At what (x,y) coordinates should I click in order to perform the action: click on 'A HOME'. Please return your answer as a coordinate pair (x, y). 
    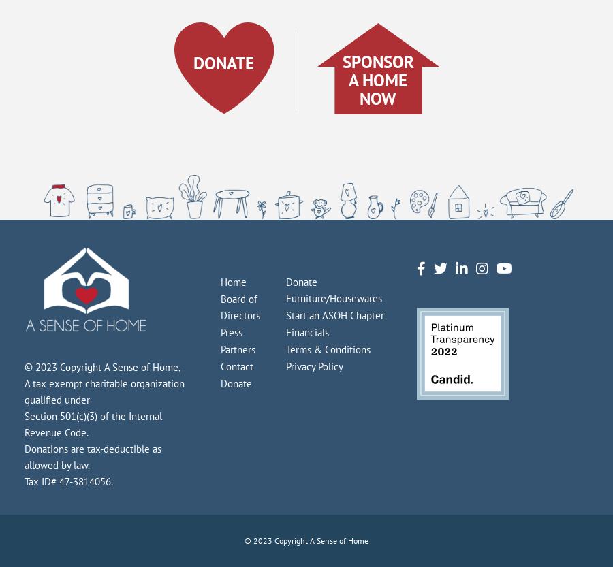
    Looking at the image, I should click on (347, 79).